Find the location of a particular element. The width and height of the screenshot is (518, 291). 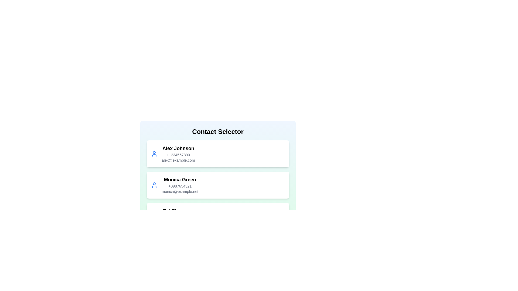

the contact Monica Green from the list is located at coordinates (218, 185).